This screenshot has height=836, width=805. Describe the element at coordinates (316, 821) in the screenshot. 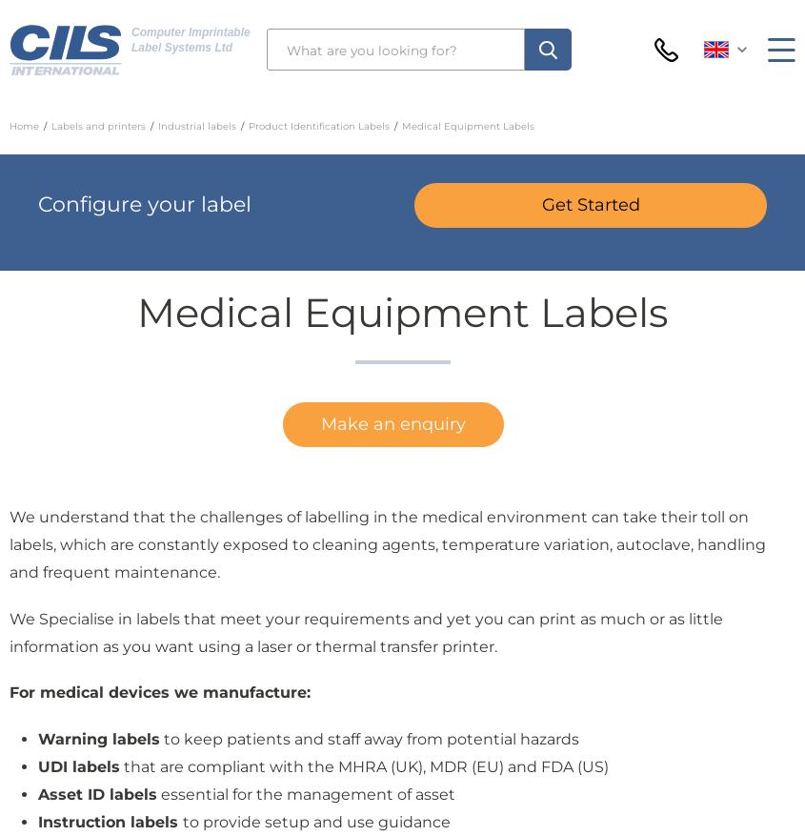

I see `'to provide setup and use guidance'` at that location.